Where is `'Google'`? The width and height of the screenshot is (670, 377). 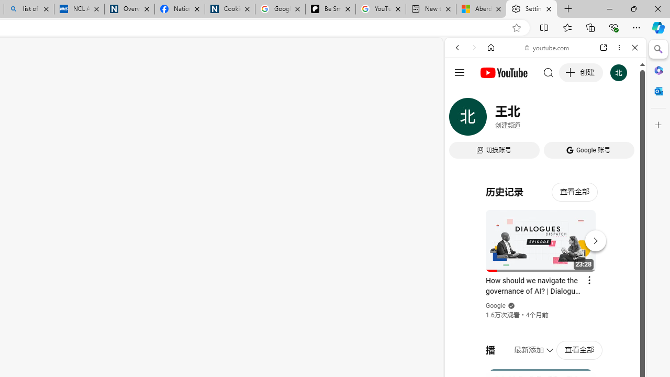 'Google' is located at coordinates (495, 306).